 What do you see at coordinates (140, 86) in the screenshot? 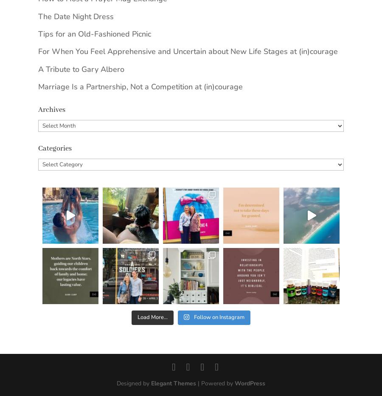
I see `'Marriage Is a Partnership, Not a Competition at (in)courage'` at bounding box center [140, 86].